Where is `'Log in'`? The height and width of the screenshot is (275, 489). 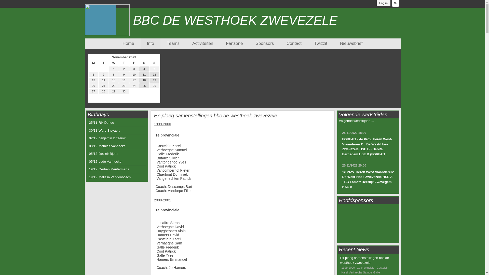 'Log in' is located at coordinates (376, 3).